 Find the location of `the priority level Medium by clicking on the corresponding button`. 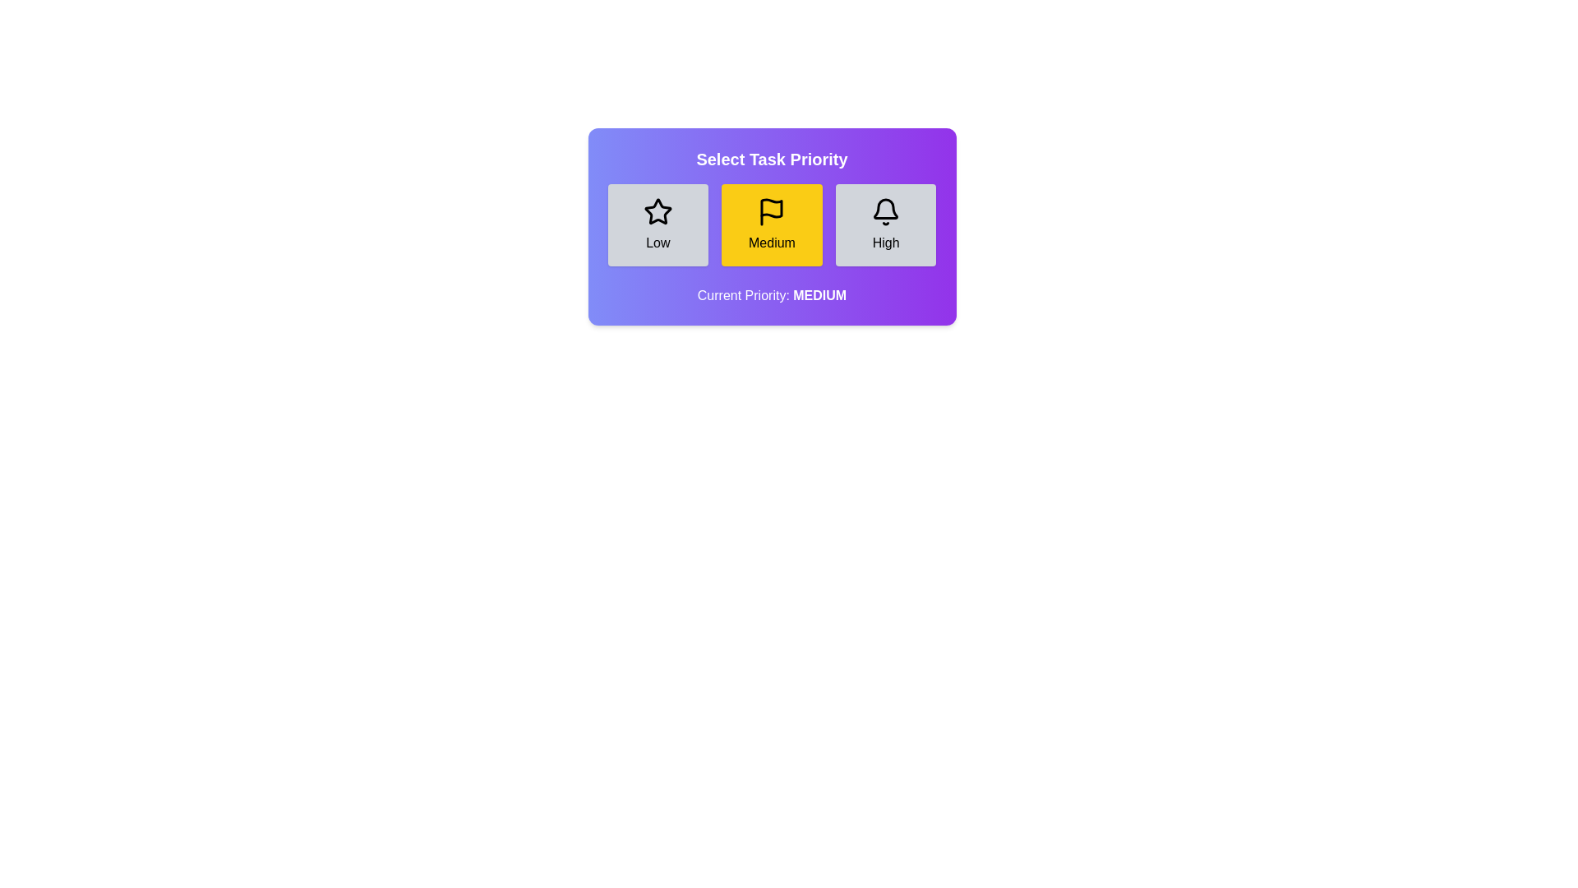

the priority level Medium by clicking on the corresponding button is located at coordinates (771, 224).